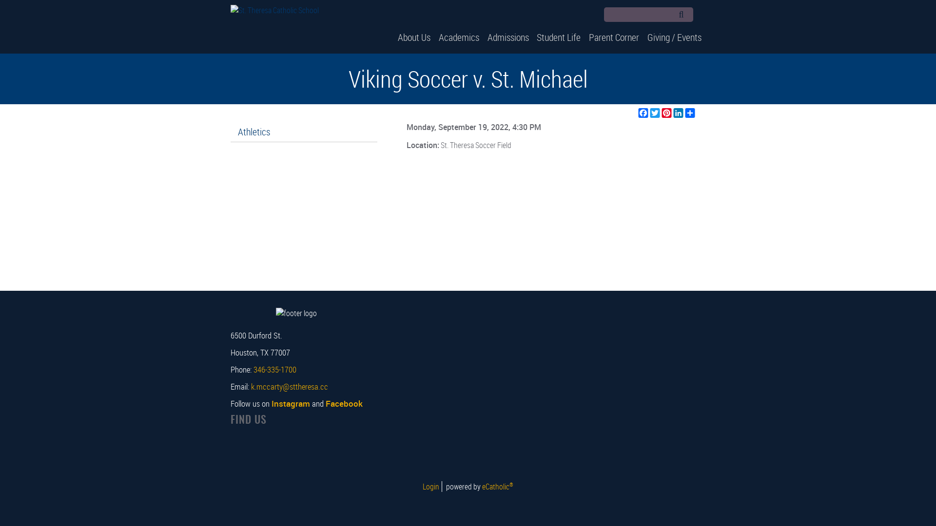  What do you see at coordinates (289, 386) in the screenshot?
I see `'k.mccarty@sttheresa.cc'` at bounding box center [289, 386].